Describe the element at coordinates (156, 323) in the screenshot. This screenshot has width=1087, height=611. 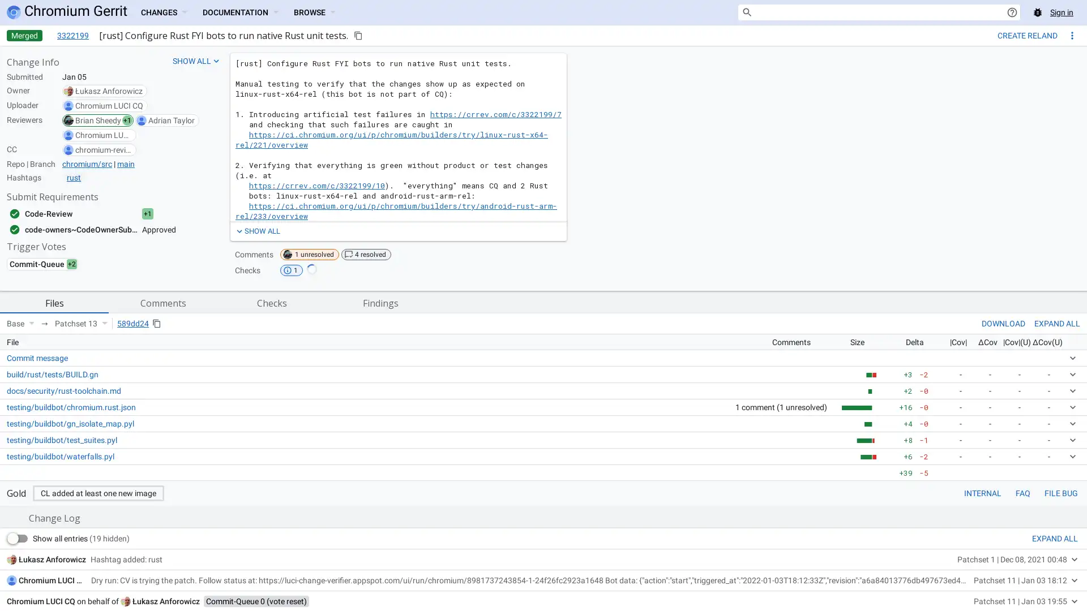
I see `Click to copy to clipboard` at that location.